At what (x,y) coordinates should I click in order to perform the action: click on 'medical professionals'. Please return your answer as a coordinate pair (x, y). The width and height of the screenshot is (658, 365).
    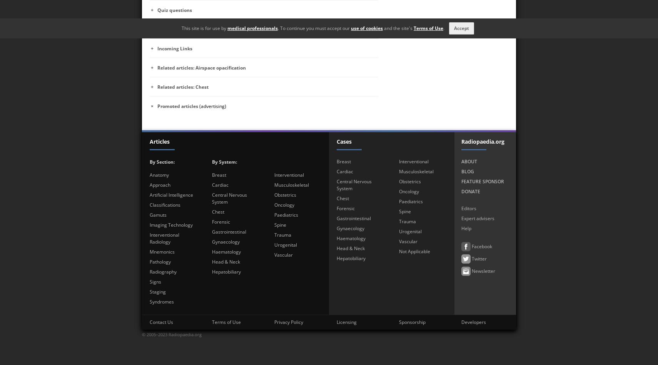
    Looking at the image, I should click on (252, 28).